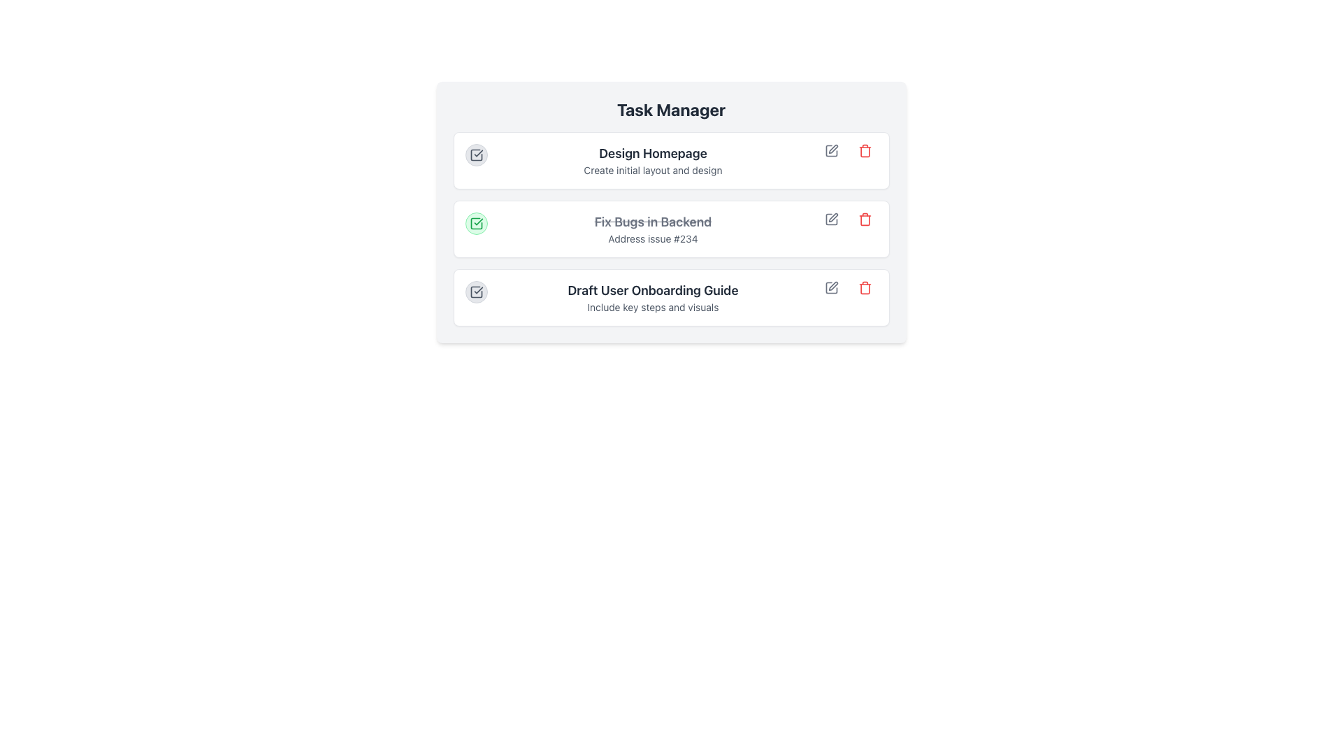 The width and height of the screenshot is (1342, 755). I want to click on the title text label located at the top of the third task card in the task list for visual identification of the specific task item, so click(652, 290).